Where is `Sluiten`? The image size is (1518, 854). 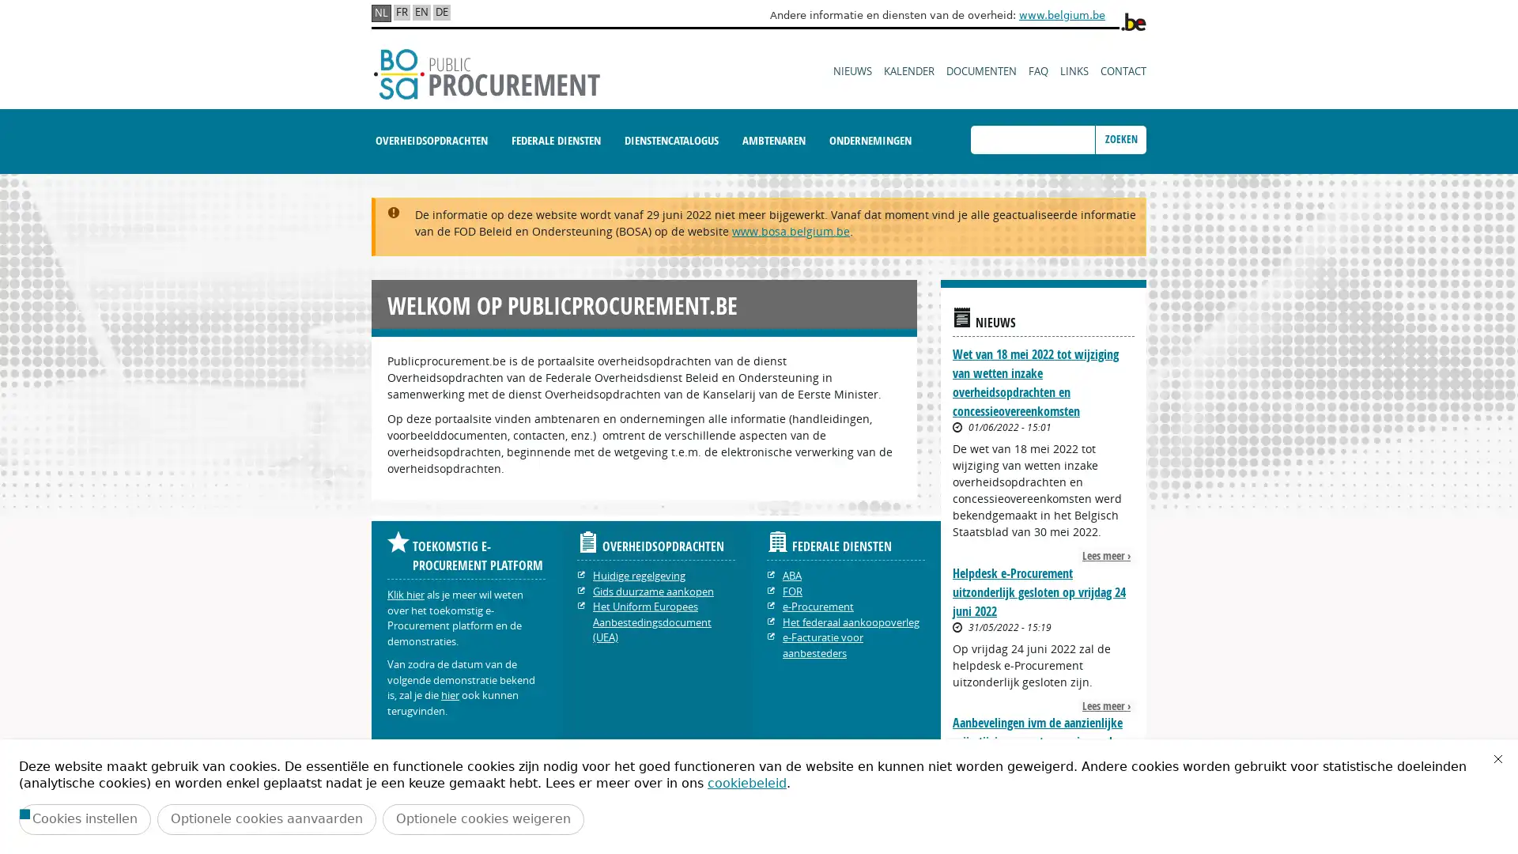
Sluiten is located at coordinates (1497, 758).